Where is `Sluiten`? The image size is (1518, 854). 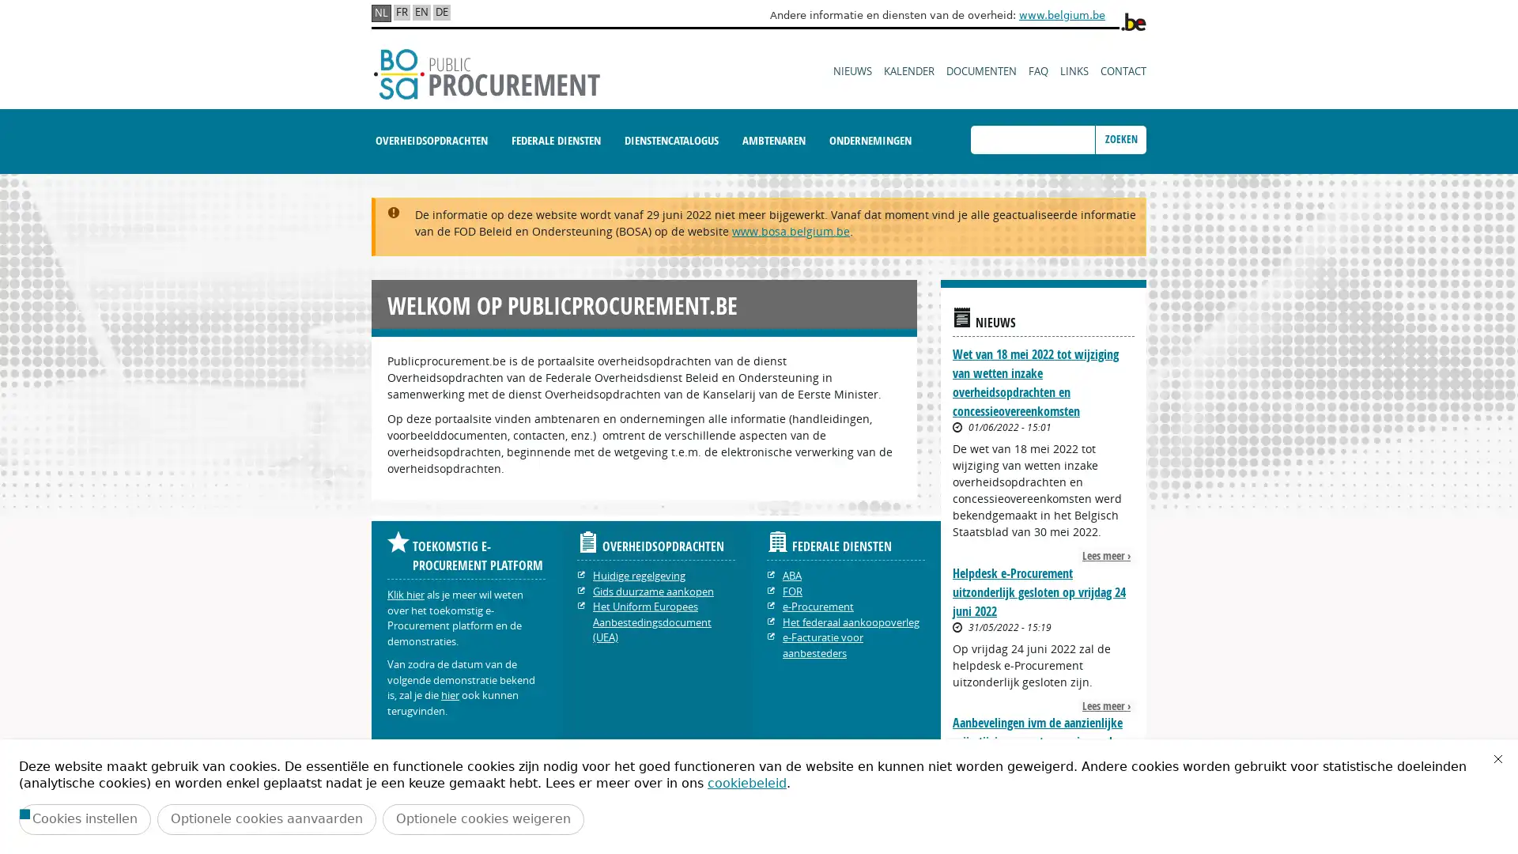
Sluiten is located at coordinates (1497, 758).